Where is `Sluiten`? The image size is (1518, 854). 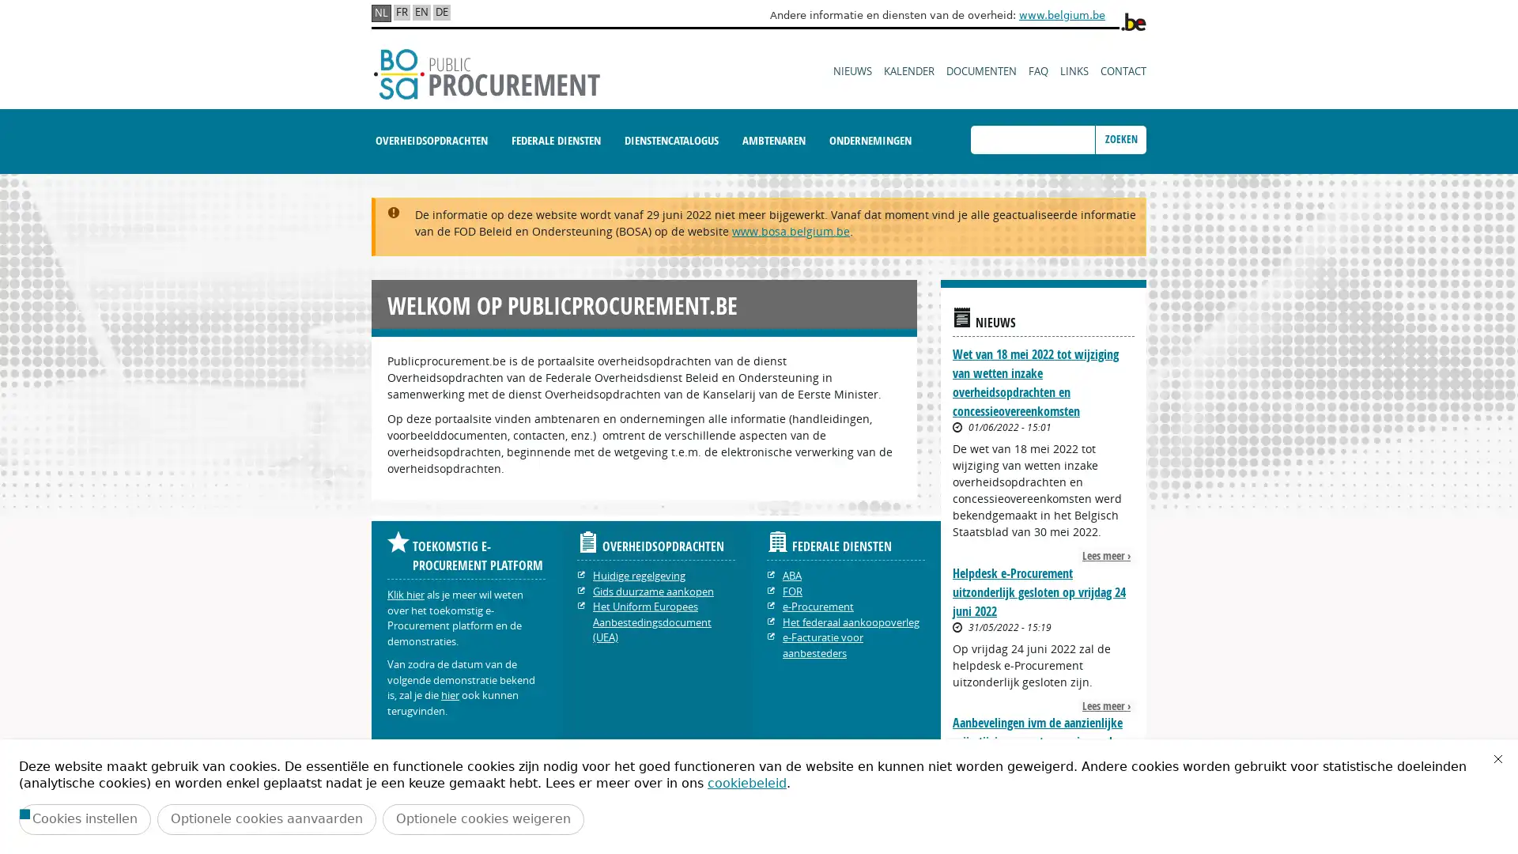
Sluiten is located at coordinates (1497, 758).